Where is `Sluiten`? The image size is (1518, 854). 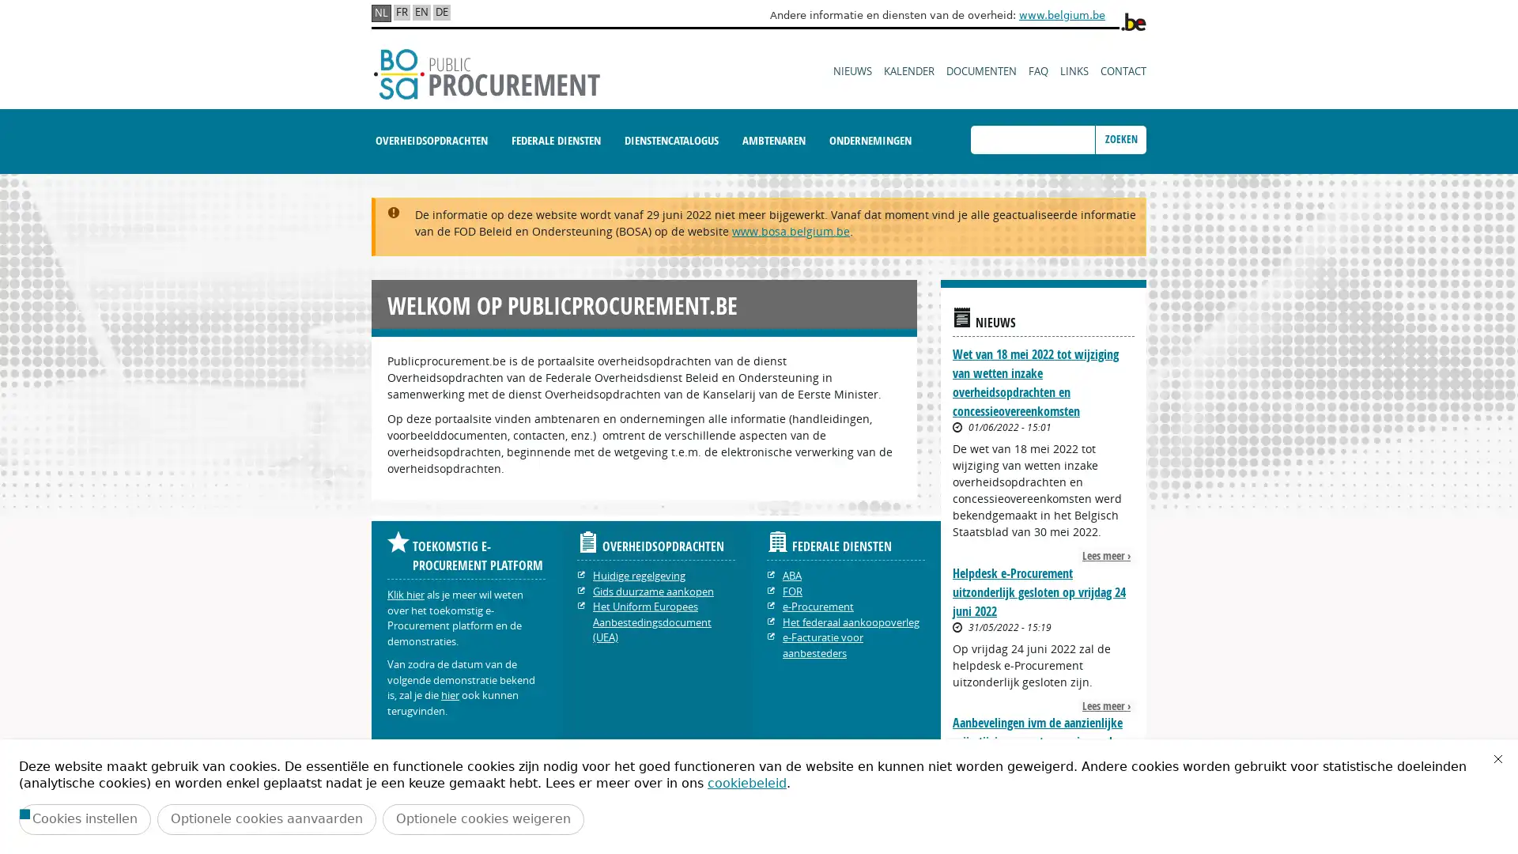
Sluiten is located at coordinates (1497, 758).